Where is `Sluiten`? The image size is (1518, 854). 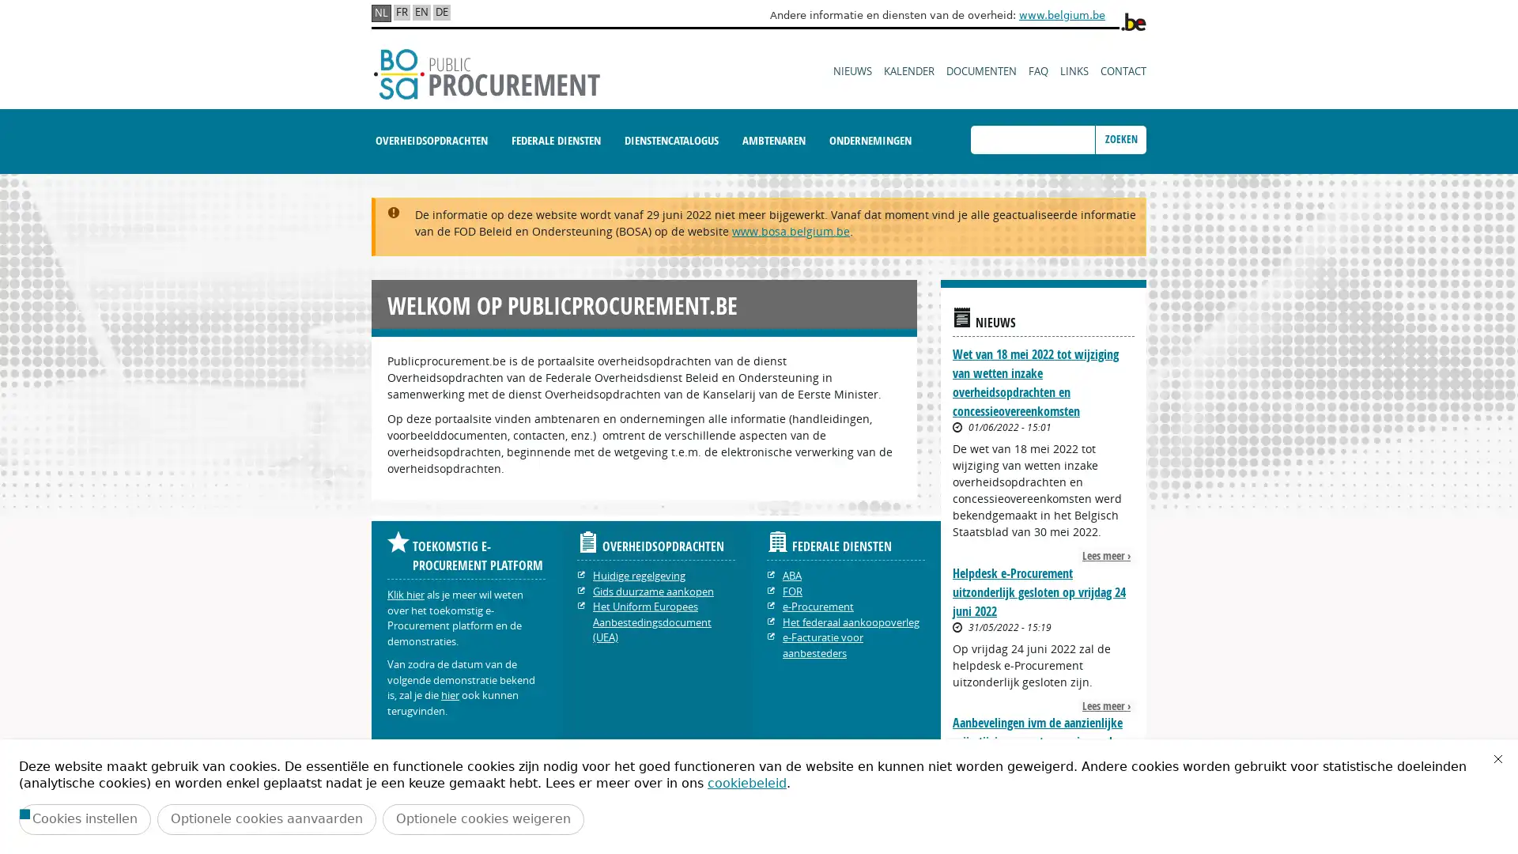
Sluiten is located at coordinates (1497, 758).